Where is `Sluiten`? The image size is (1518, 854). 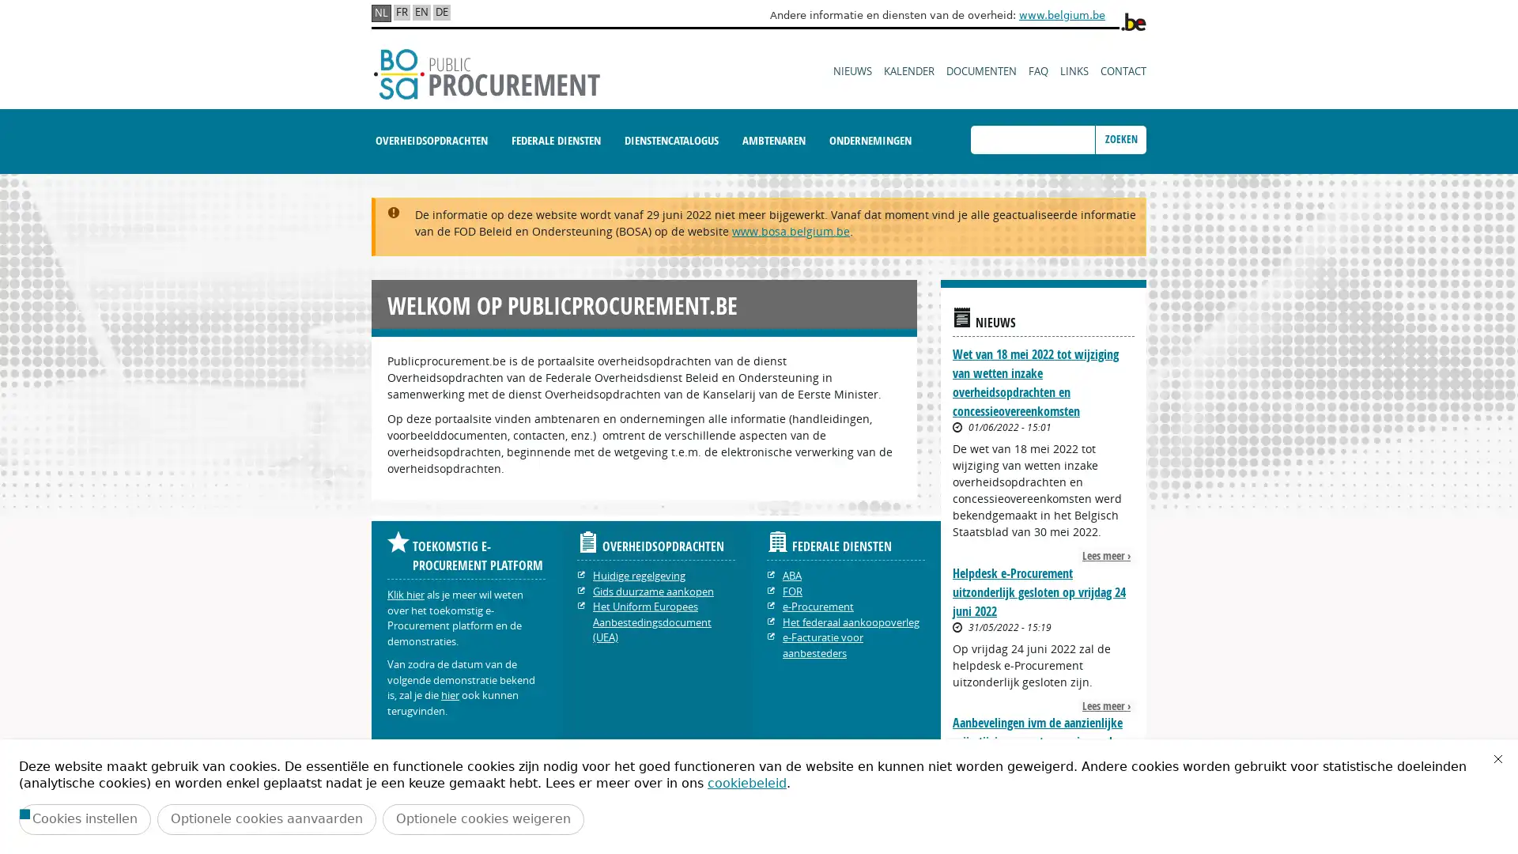
Sluiten is located at coordinates (1497, 758).